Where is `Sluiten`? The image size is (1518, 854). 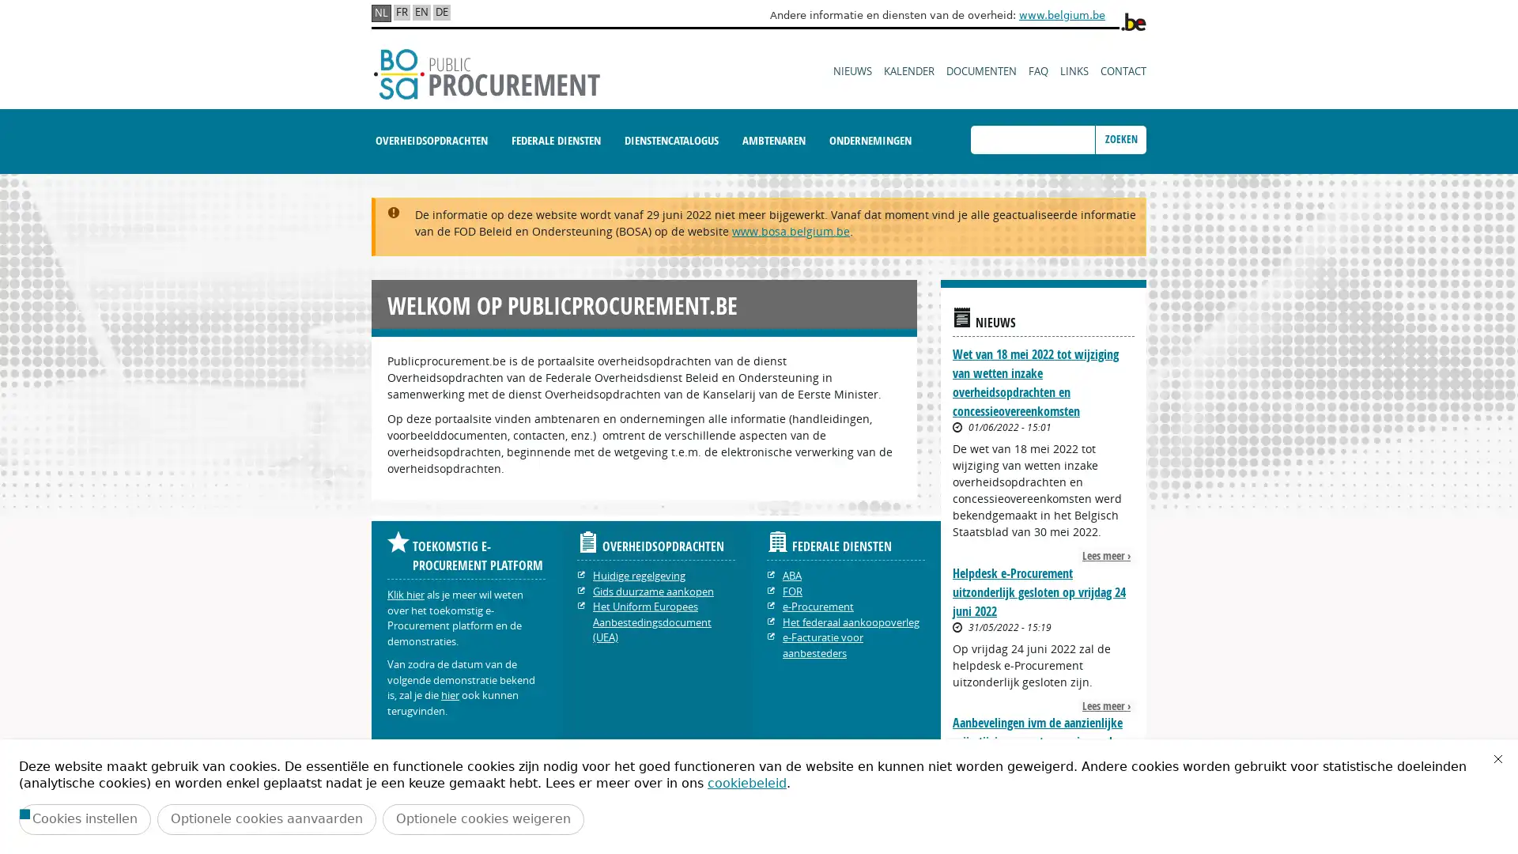
Sluiten is located at coordinates (1497, 758).